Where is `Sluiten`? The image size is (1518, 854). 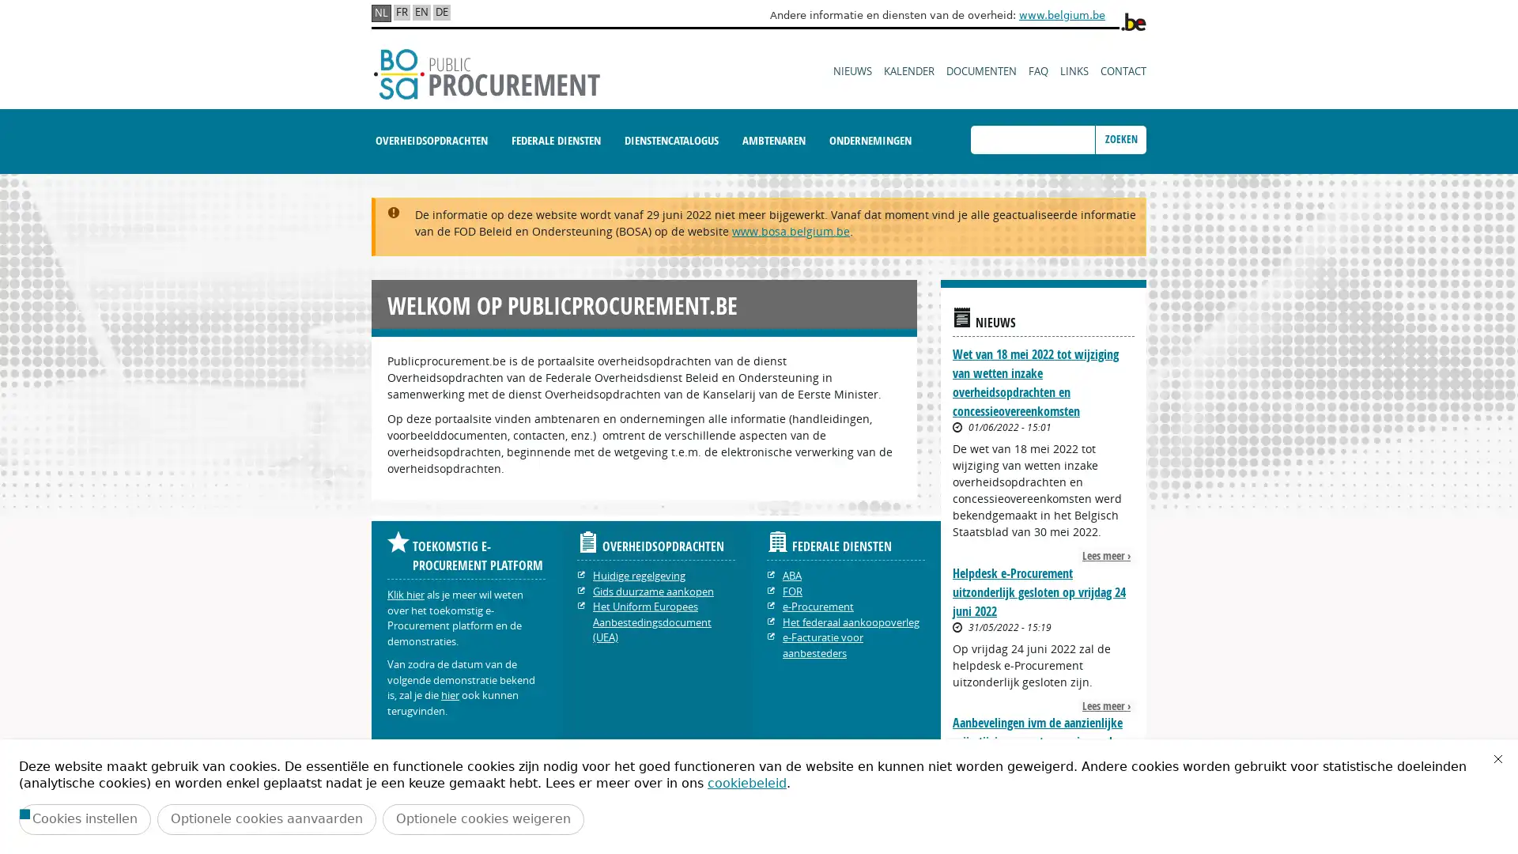
Sluiten is located at coordinates (1497, 758).